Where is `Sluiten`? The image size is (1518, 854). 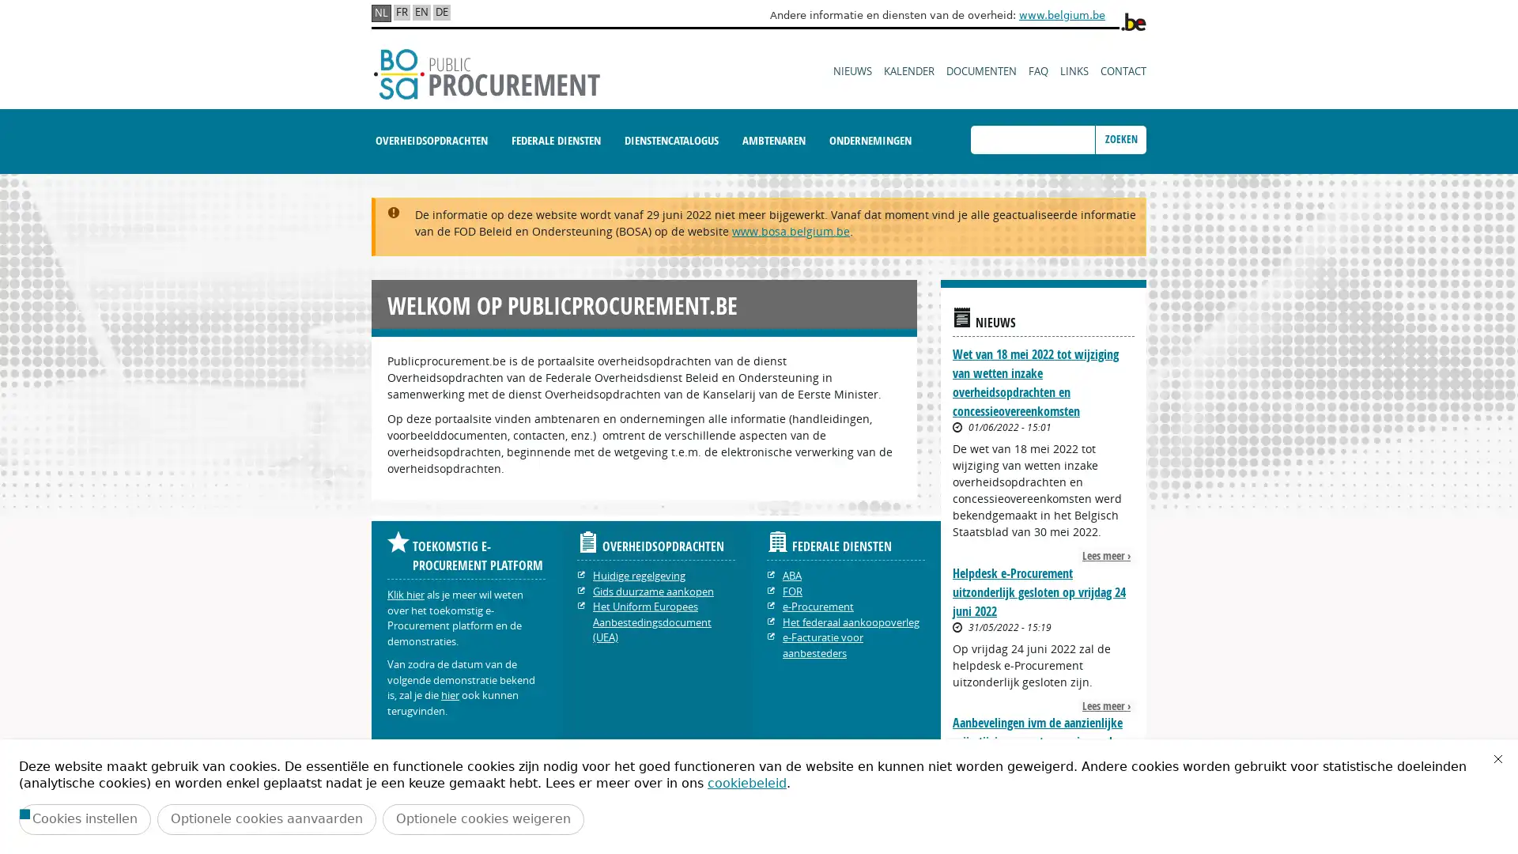
Sluiten is located at coordinates (1497, 758).